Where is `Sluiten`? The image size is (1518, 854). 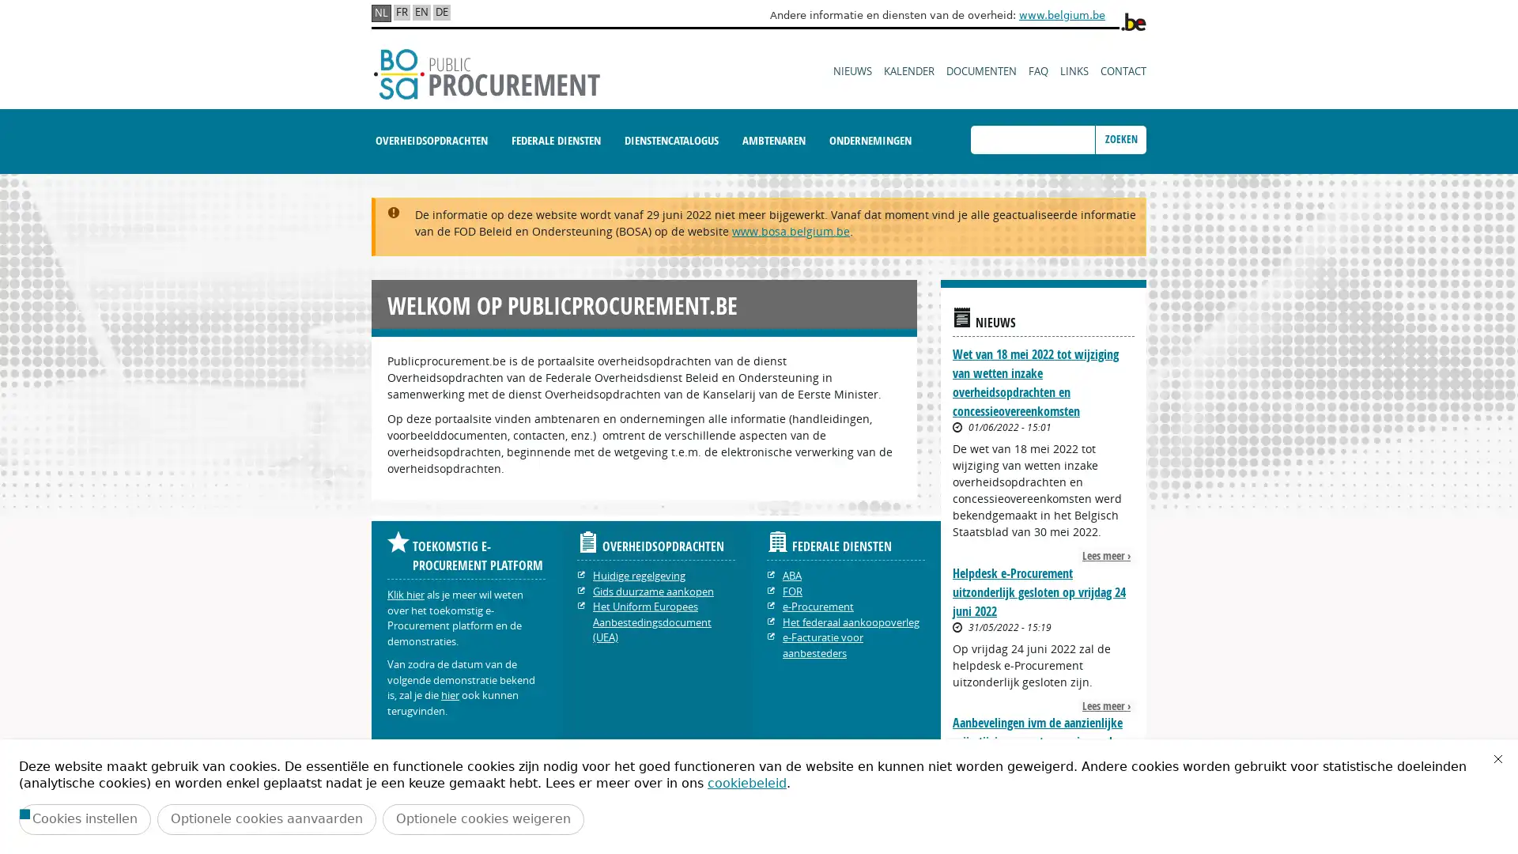
Sluiten is located at coordinates (1497, 758).